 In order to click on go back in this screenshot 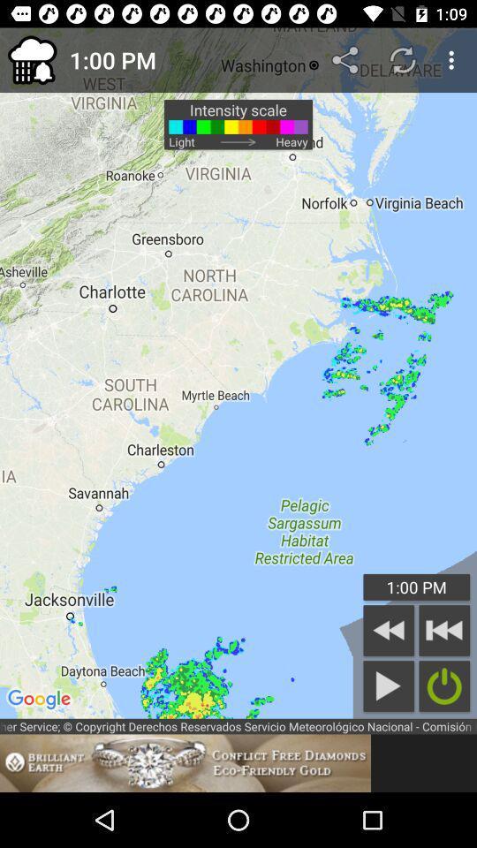, I will do `click(389, 630)`.